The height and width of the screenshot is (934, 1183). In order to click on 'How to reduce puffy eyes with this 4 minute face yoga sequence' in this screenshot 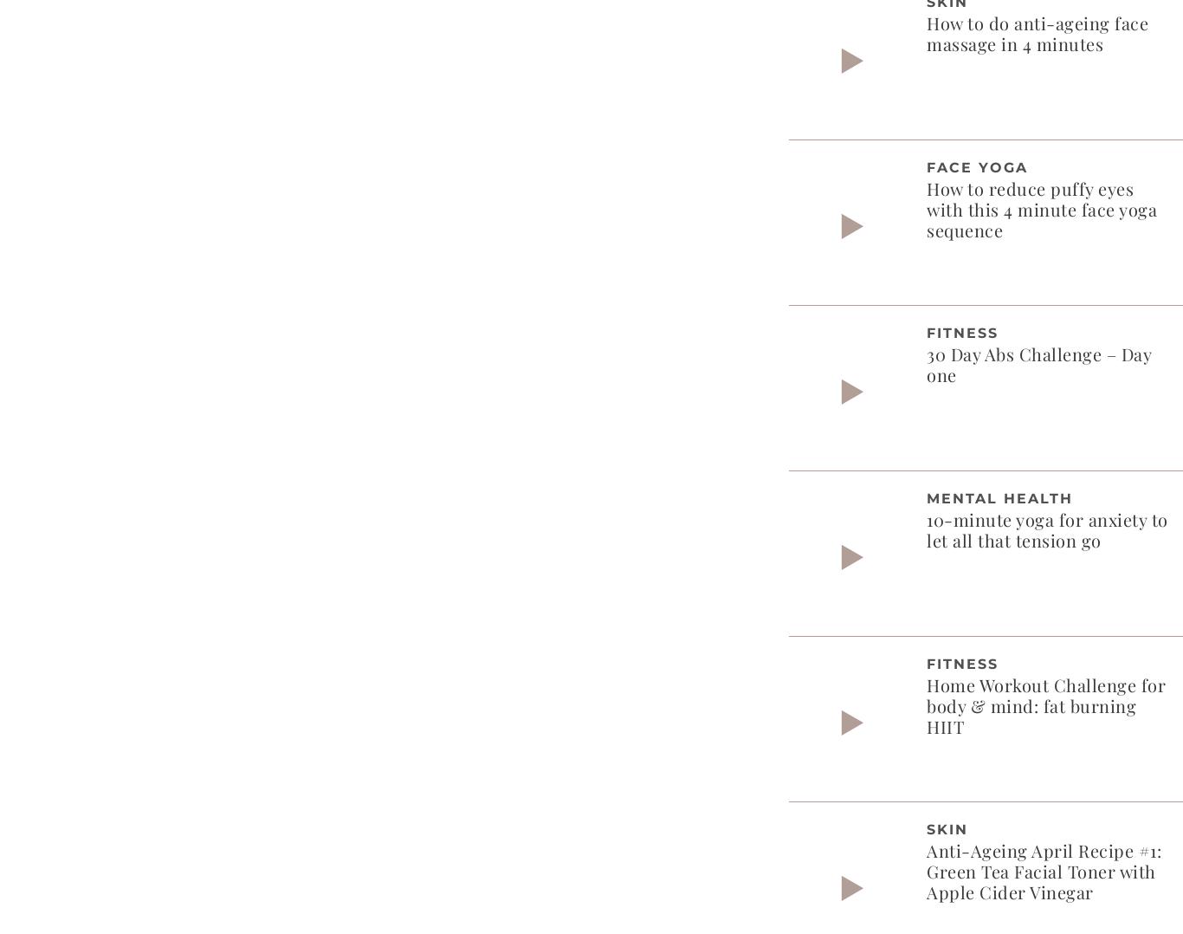, I will do `click(1042, 207)`.